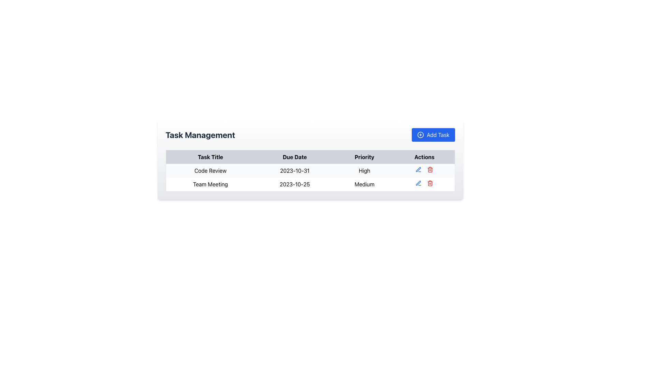 This screenshot has height=368, width=655. What do you see at coordinates (210, 184) in the screenshot?
I see `the task title text label located in the second row of the task management table, adjacent to the '2023-10-25' cell` at bounding box center [210, 184].